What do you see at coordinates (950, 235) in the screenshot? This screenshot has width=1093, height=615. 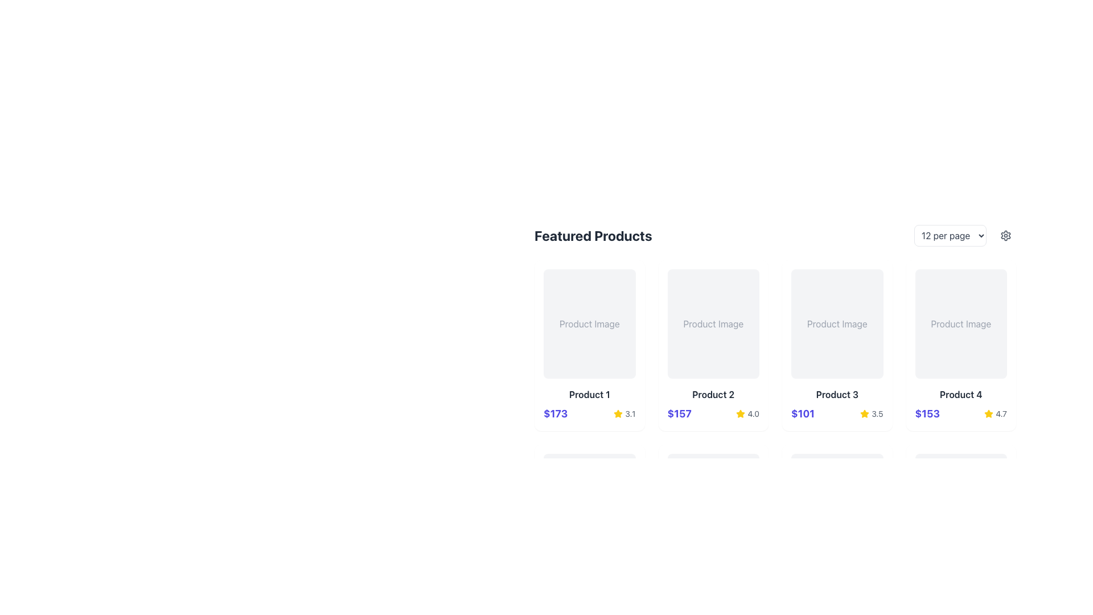 I see `the Dropdown menu located on the top-right section of the interface, which allows users to select the number of items displayed per page` at bounding box center [950, 235].